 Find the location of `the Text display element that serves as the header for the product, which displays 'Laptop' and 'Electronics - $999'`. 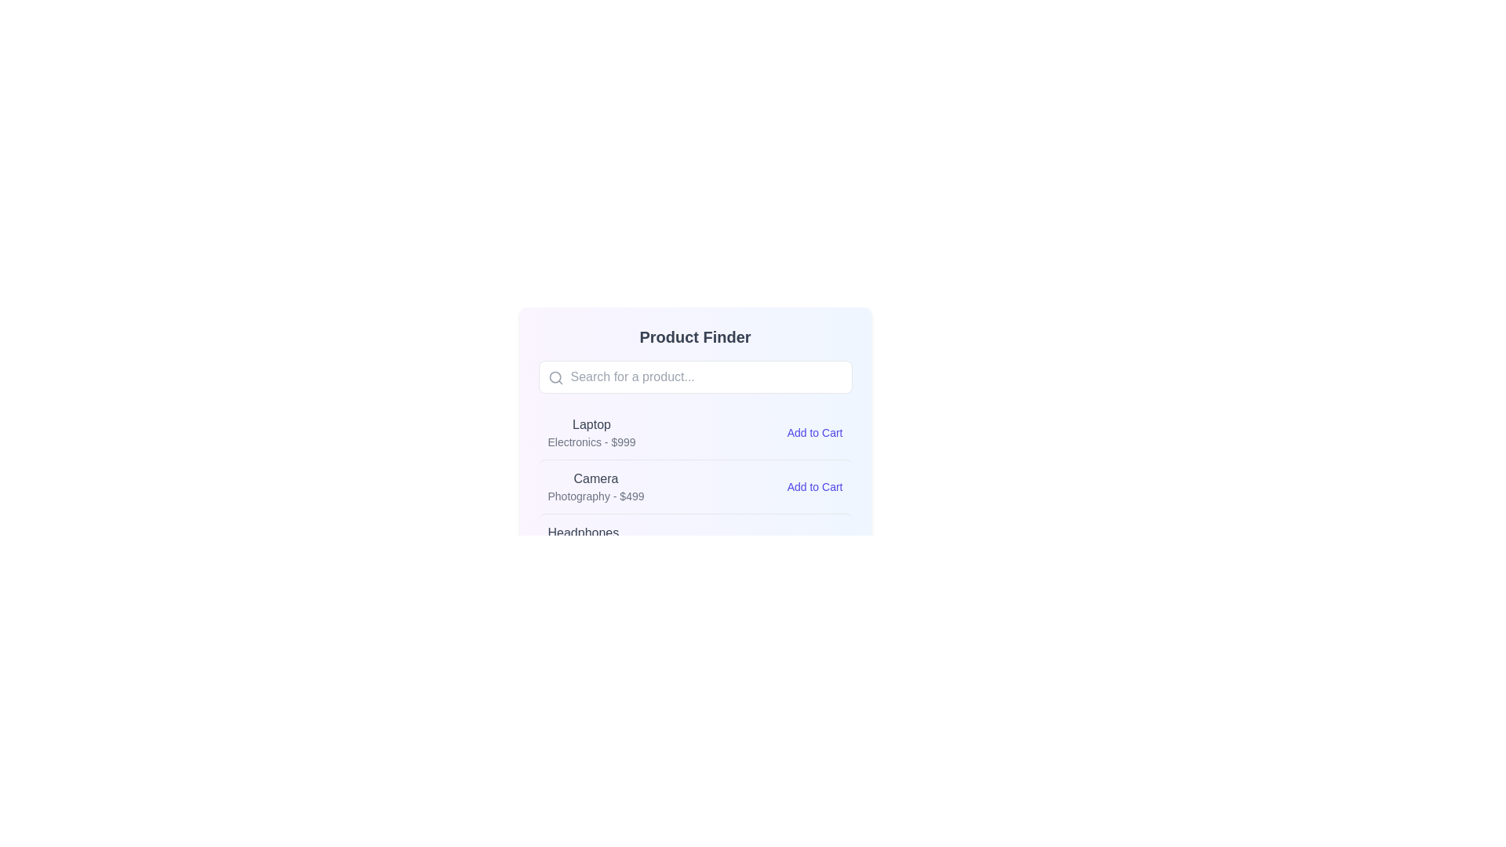

the Text display element that serves as the header for the product, which displays 'Laptop' and 'Electronics - $999' is located at coordinates (591, 425).